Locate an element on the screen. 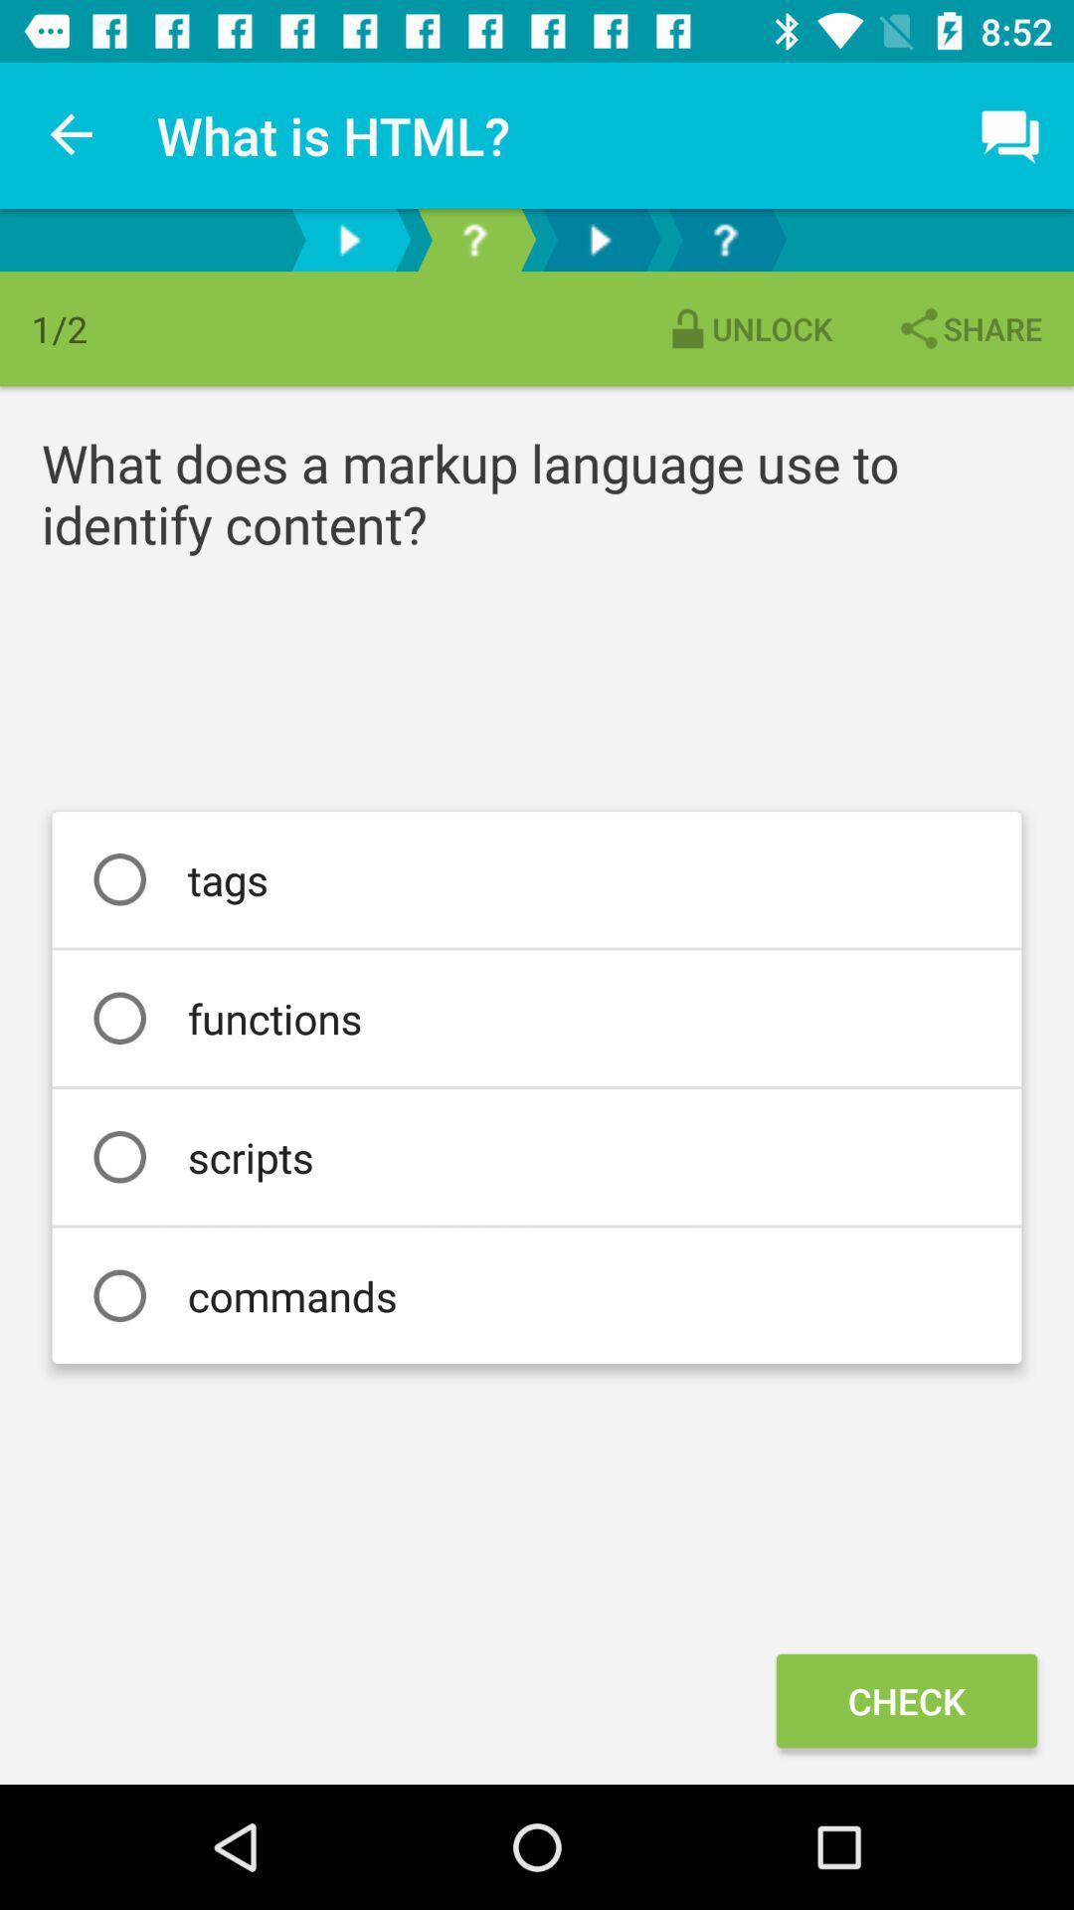  arrow with a question mark symbol is located at coordinates (474, 239).